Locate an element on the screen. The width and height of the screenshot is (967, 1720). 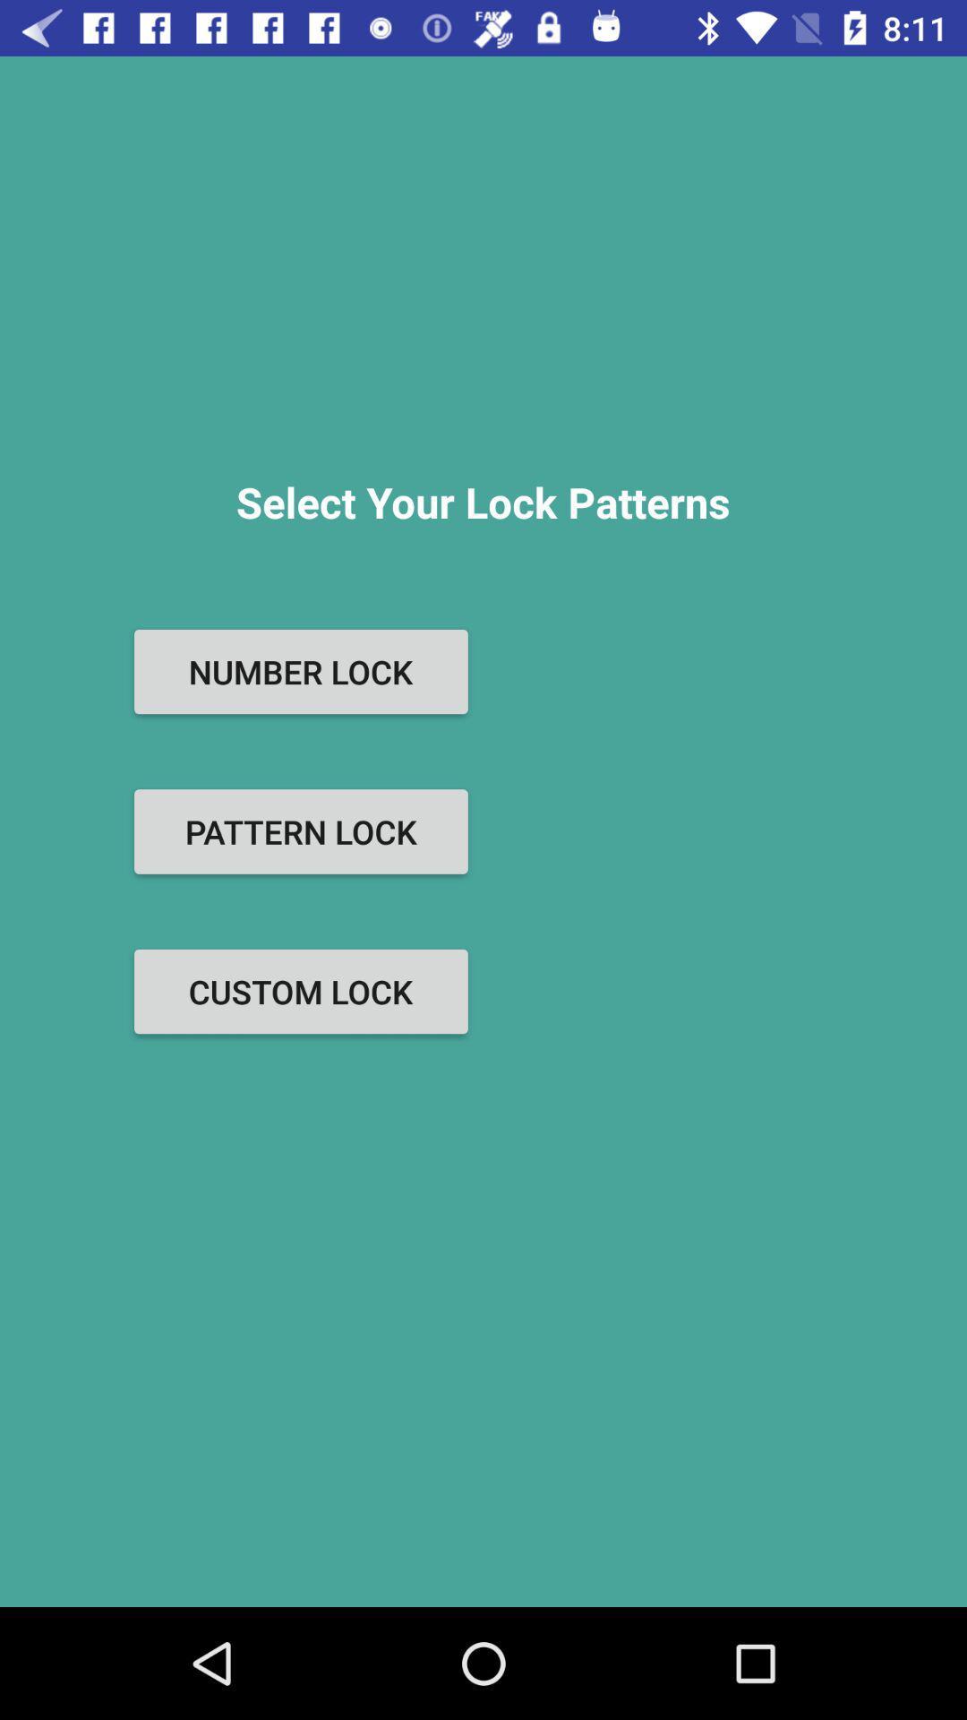
pattern lock item is located at coordinates (300, 830).